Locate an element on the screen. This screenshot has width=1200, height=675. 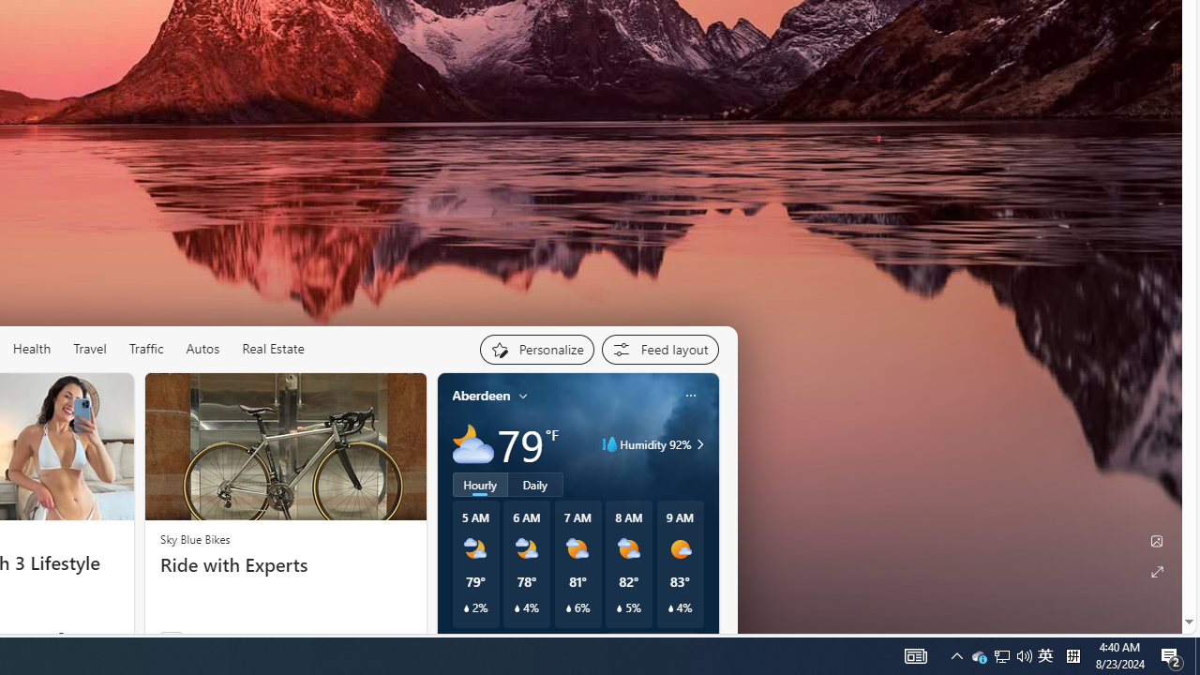
'Autos' is located at coordinates (202, 348).